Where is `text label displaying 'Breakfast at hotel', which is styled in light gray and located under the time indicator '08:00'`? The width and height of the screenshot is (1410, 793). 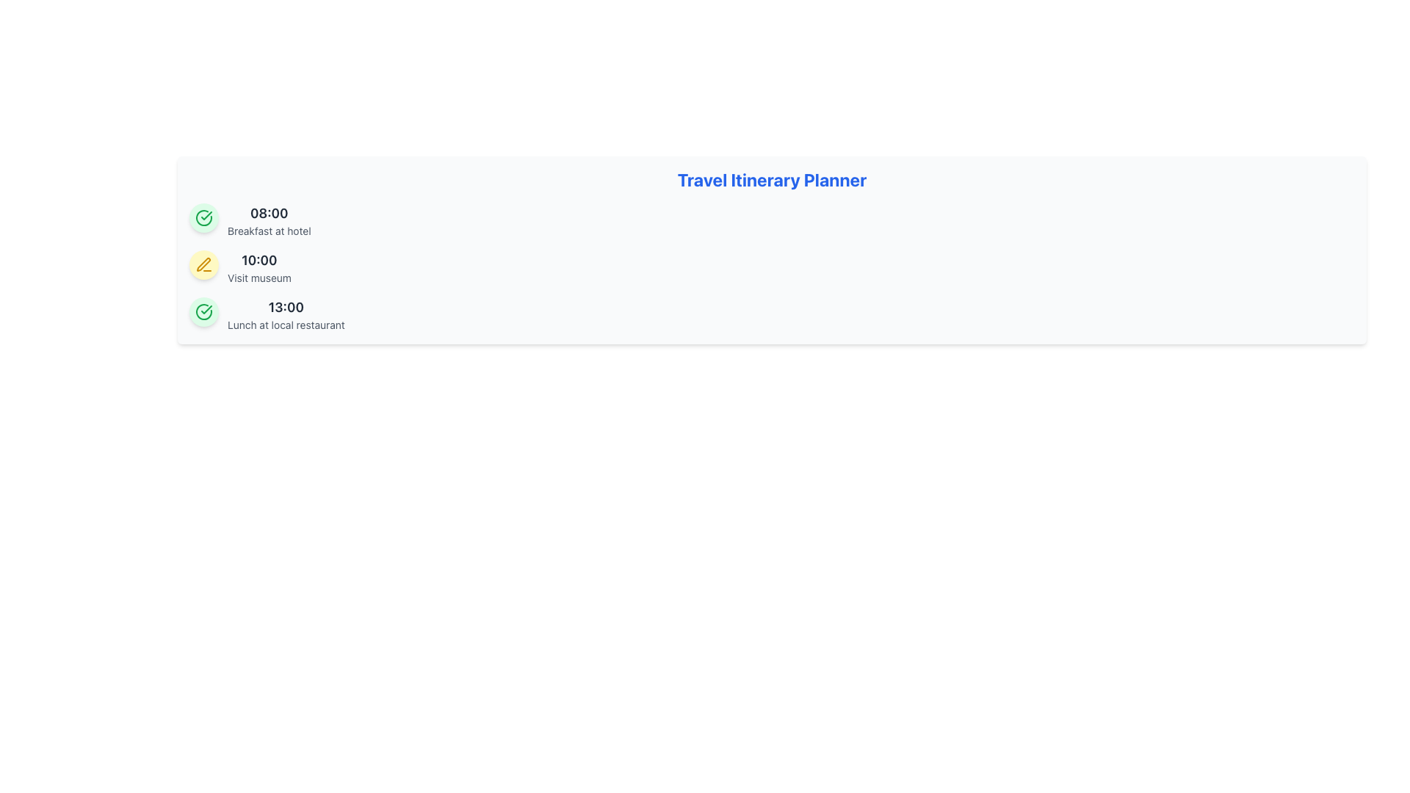
text label displaying 'Breakfast at hotel', which is styled in light gray and located under the time indicator '08:00' is located at coordinates (269, 231).